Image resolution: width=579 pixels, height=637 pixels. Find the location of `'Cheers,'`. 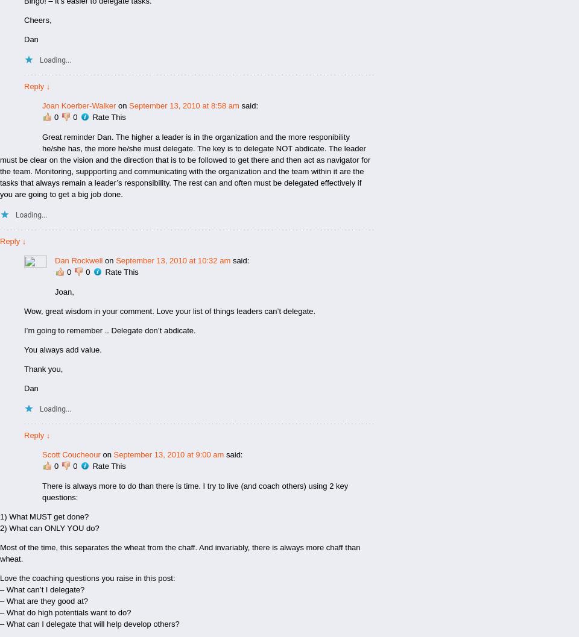

'Cheers,' is located at coordinates (37, 20).